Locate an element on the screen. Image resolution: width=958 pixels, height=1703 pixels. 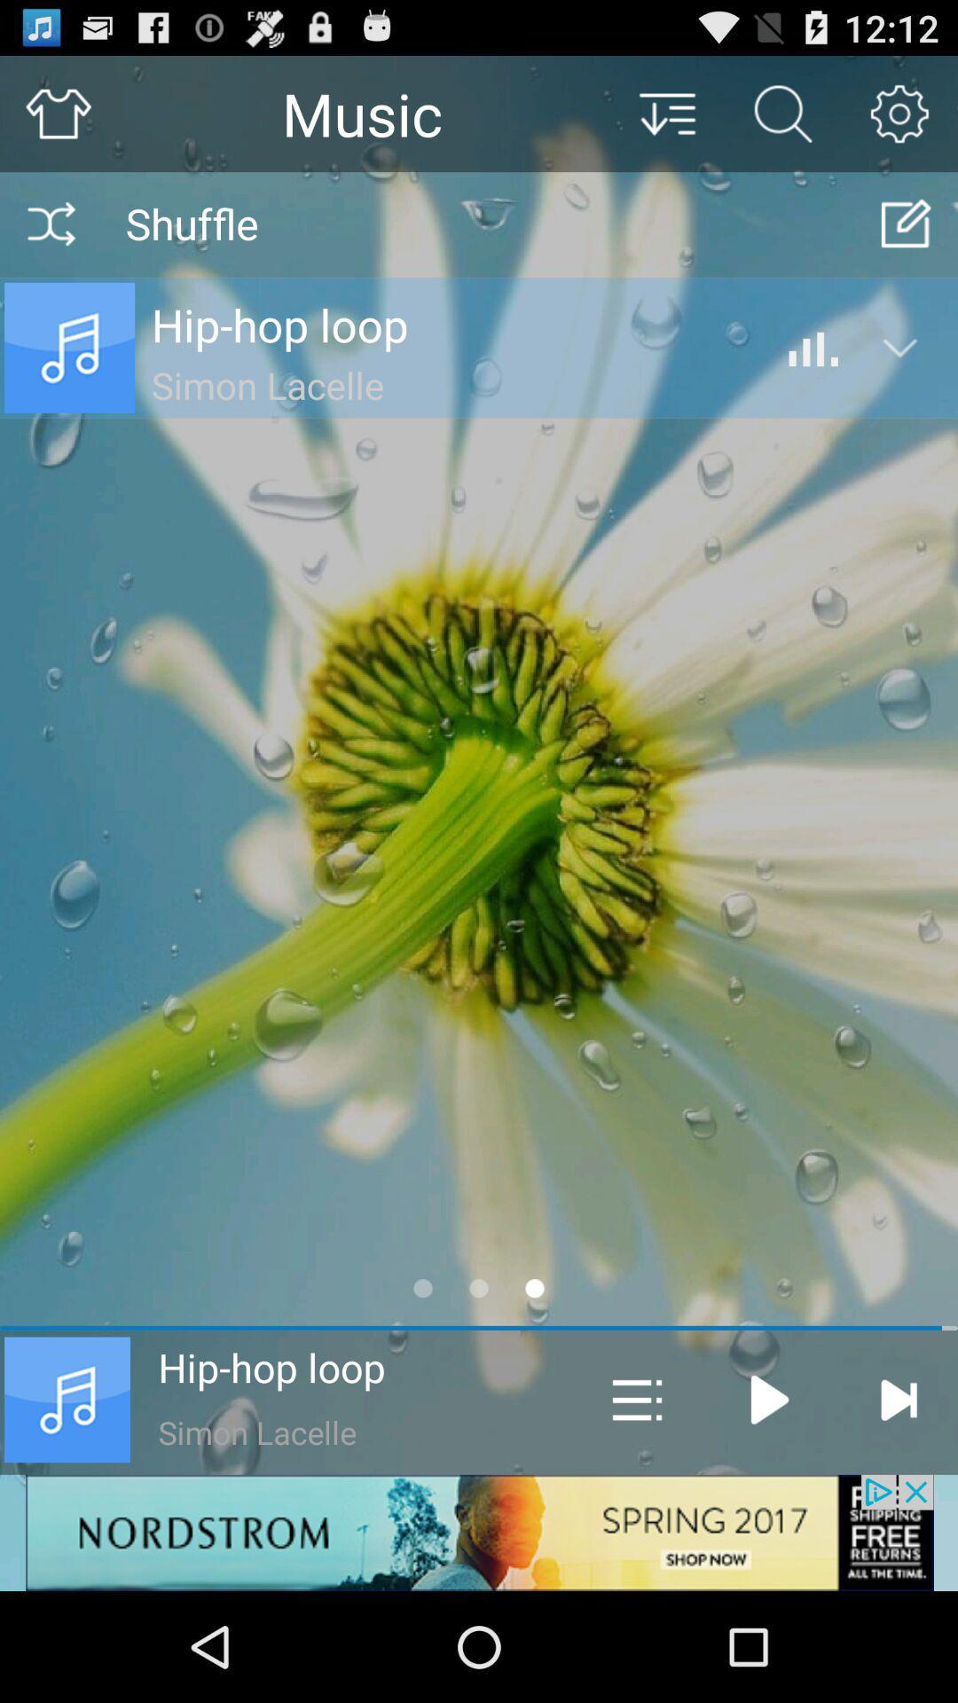
the edit icon is located at coordinates (907, 238).